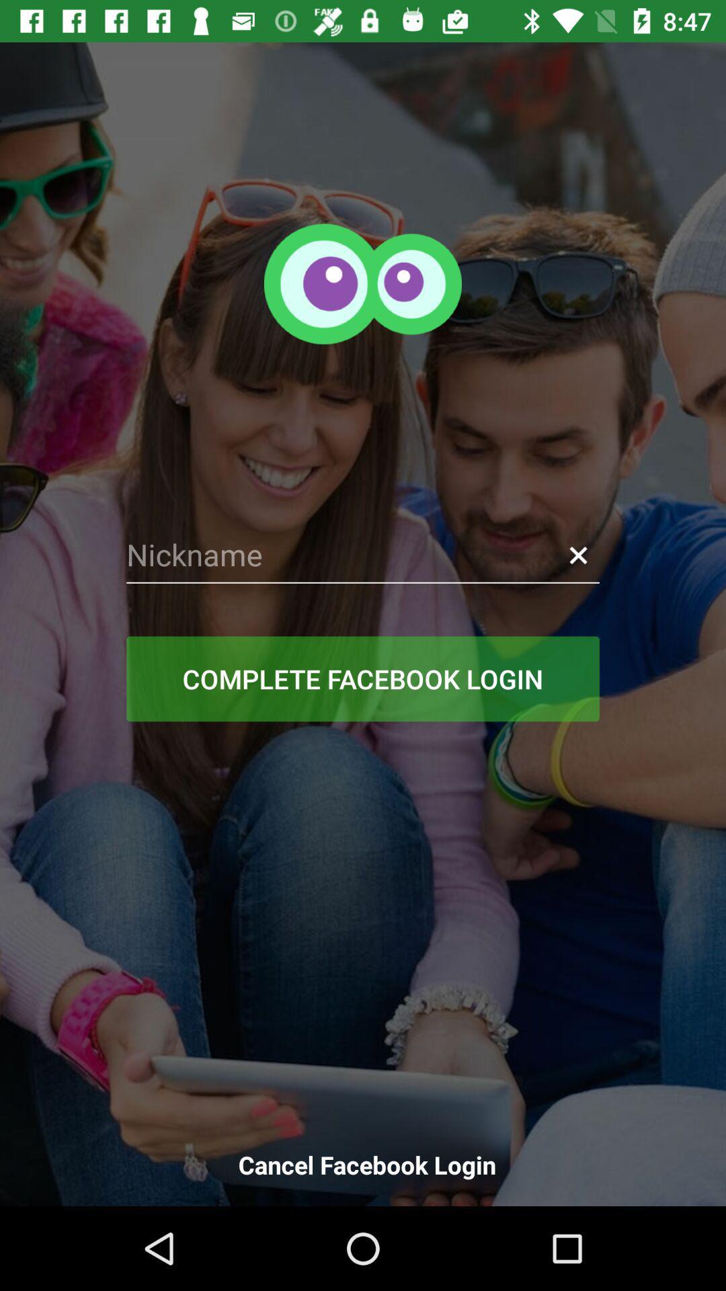  I want to click on the close icon, so click(577, 555).